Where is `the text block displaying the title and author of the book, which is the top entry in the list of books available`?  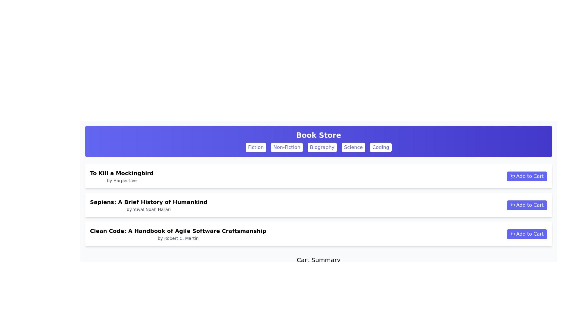 the text block displaying the title and author of the book, which is the top entry in the list of books available is located at coordinates (121, 176).